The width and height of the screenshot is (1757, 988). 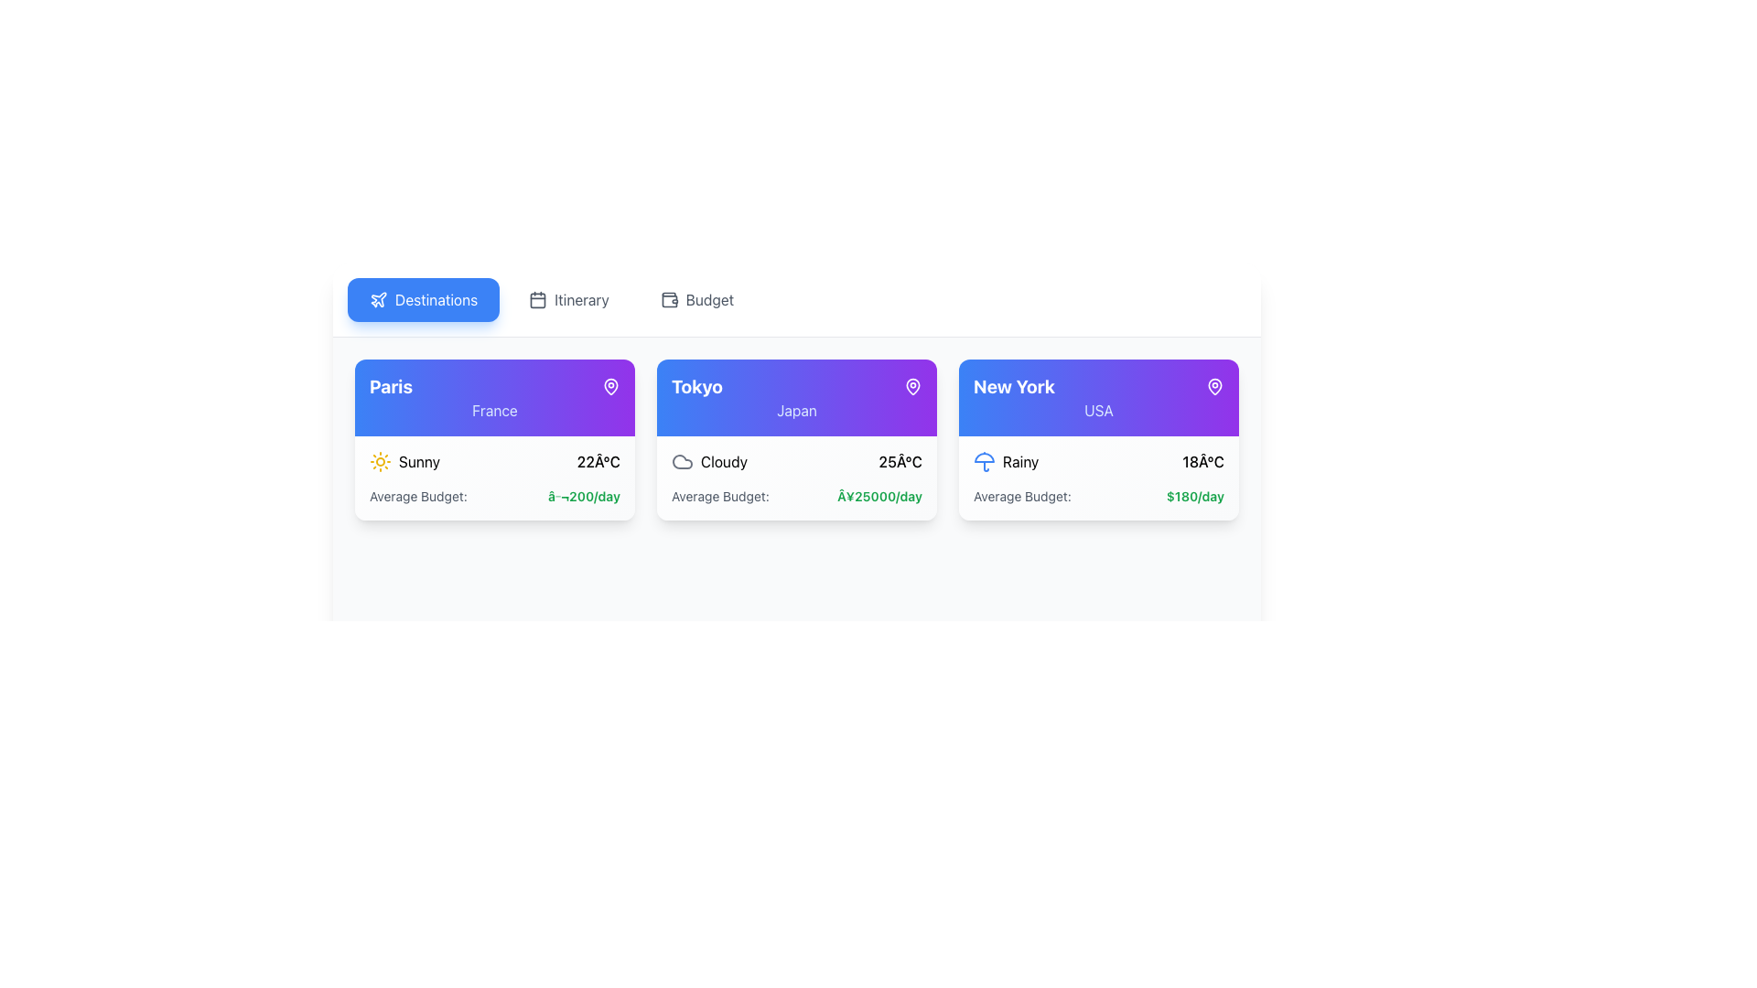 What do you see at coordinates (377, 298) in the screenshot?
I see `the 'Destinations' icon located to the left of the text 'Destinations' in the menu layout` at bounding box center [377, 298].